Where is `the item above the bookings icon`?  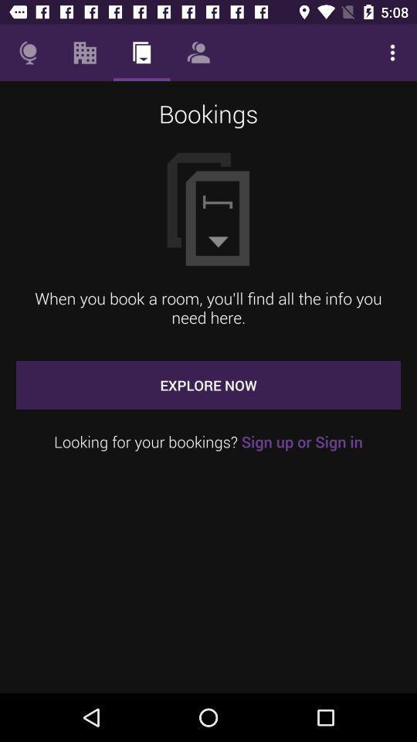 the item above the bookings icon is located at coordinates (85, 53).